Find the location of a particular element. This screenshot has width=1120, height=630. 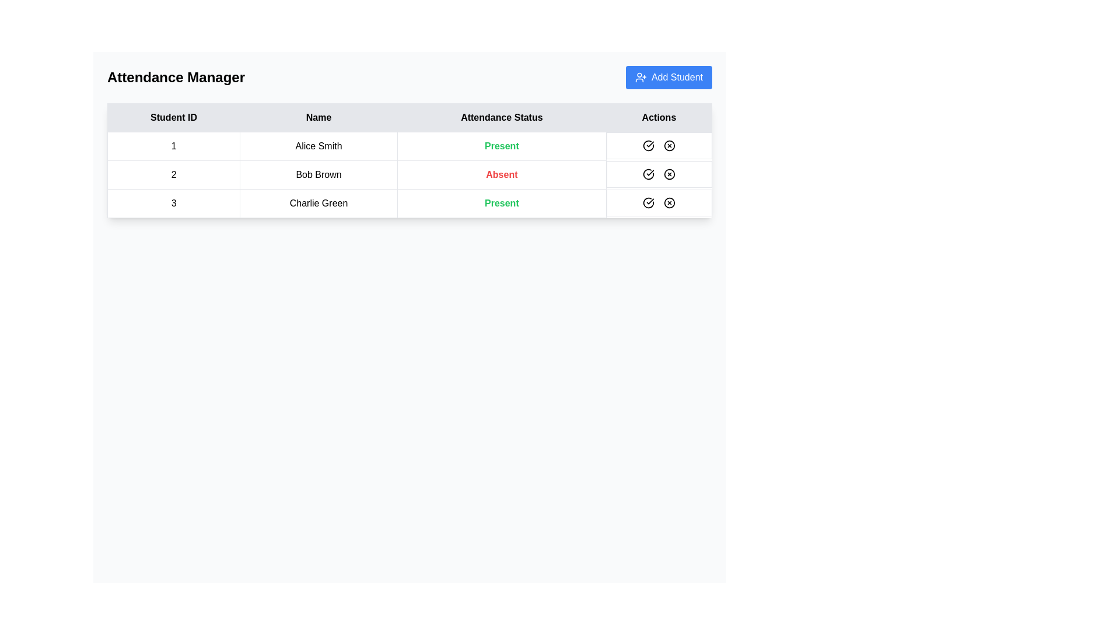

displayed student number for 'Charlie Green' located in the first column of the table under 'Student ID' is located at coordinates (173, 202).